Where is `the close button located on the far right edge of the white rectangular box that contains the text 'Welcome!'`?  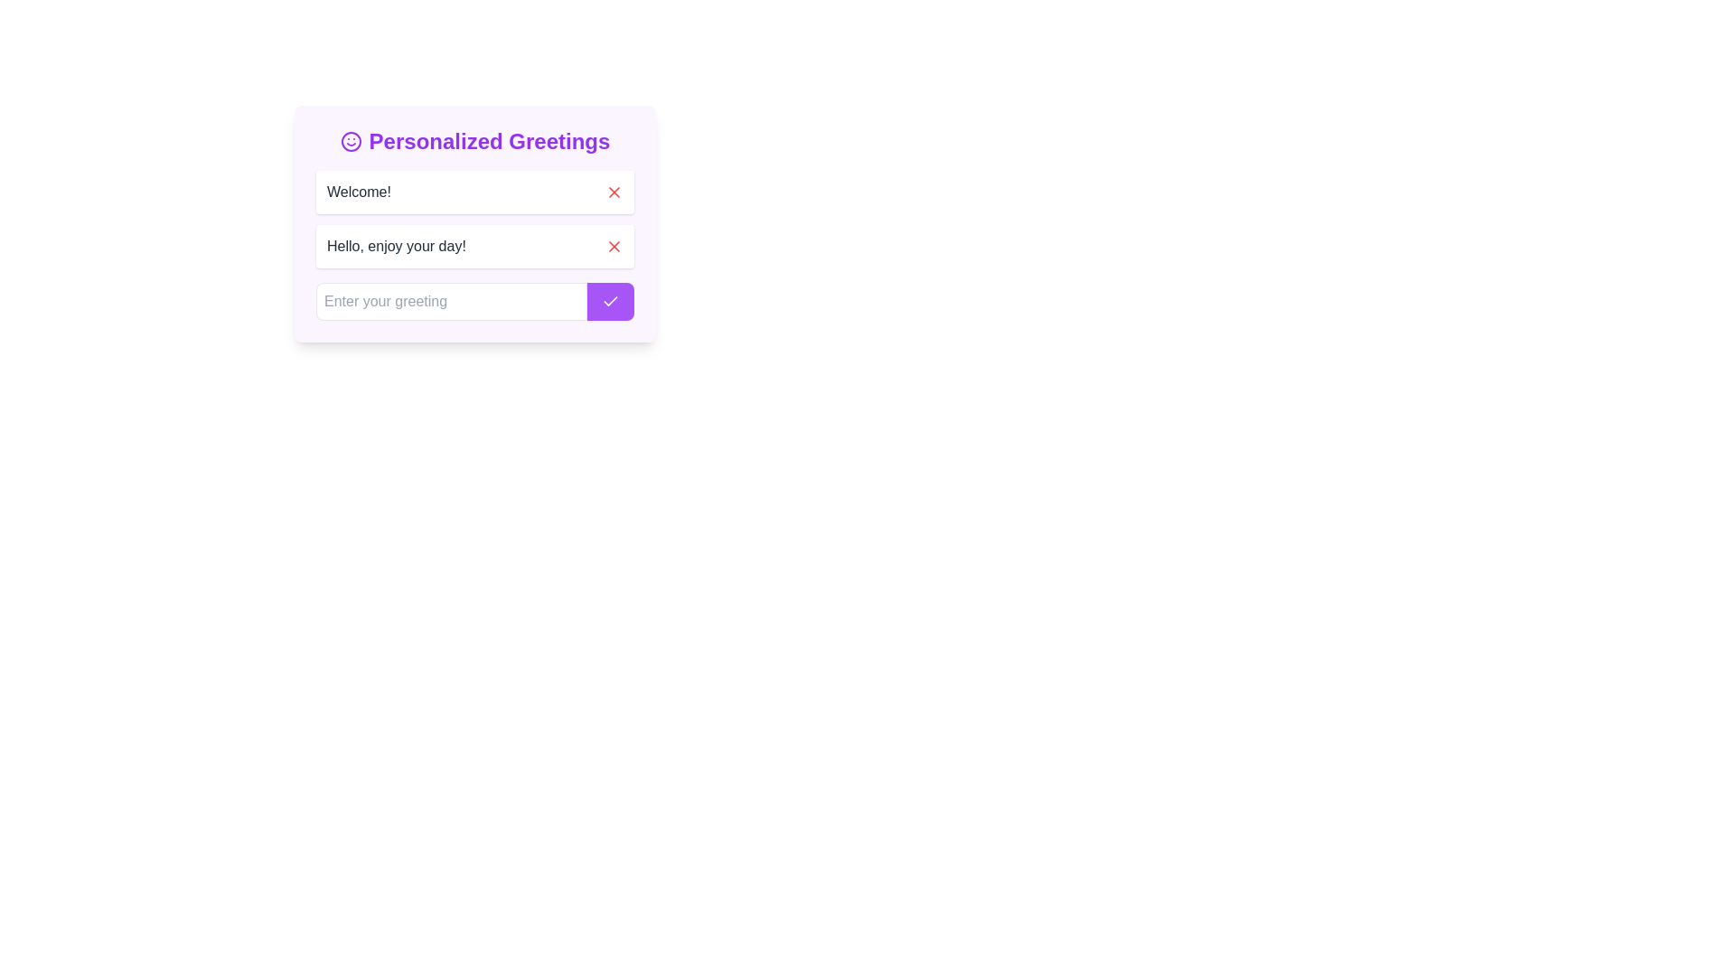
the close button located on the far right edge of the white rectangular box that contains the text 'Welcome!' is located at coordinates (614, 192).